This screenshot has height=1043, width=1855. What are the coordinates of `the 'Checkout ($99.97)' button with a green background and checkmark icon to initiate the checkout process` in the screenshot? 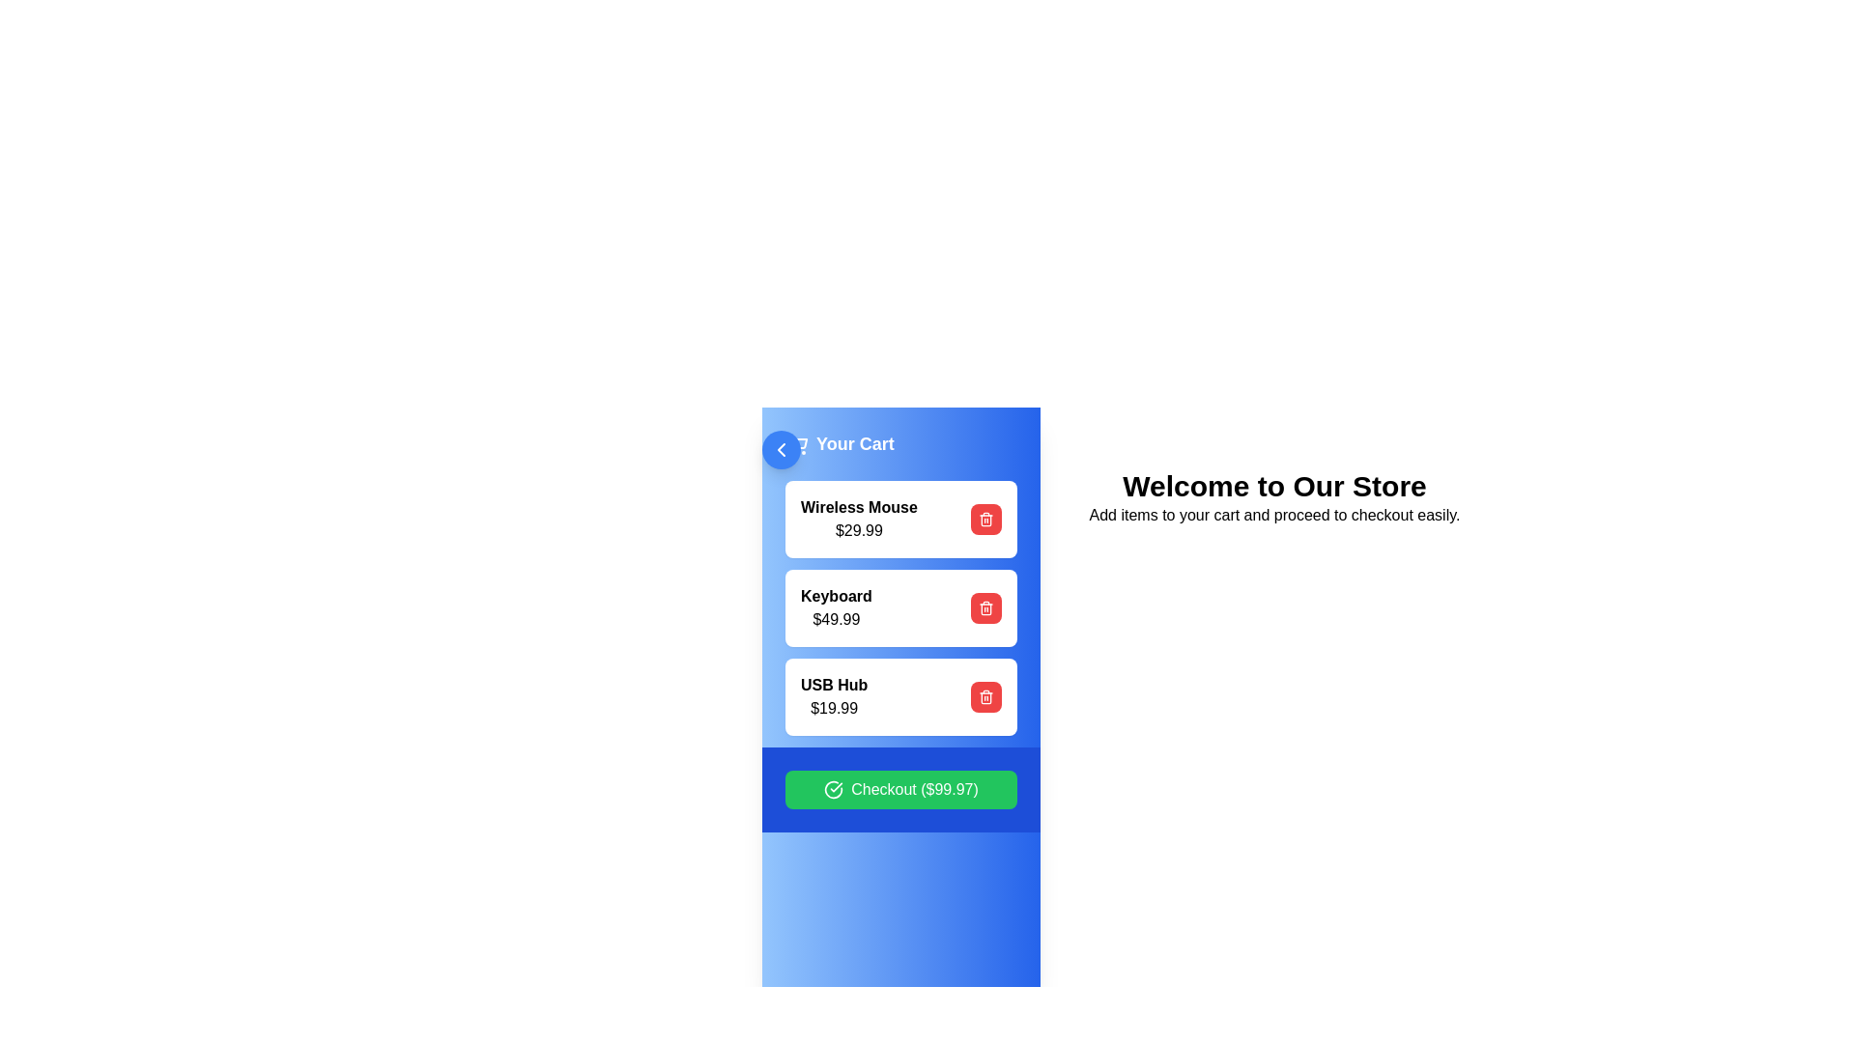 It's located at (899, 789).